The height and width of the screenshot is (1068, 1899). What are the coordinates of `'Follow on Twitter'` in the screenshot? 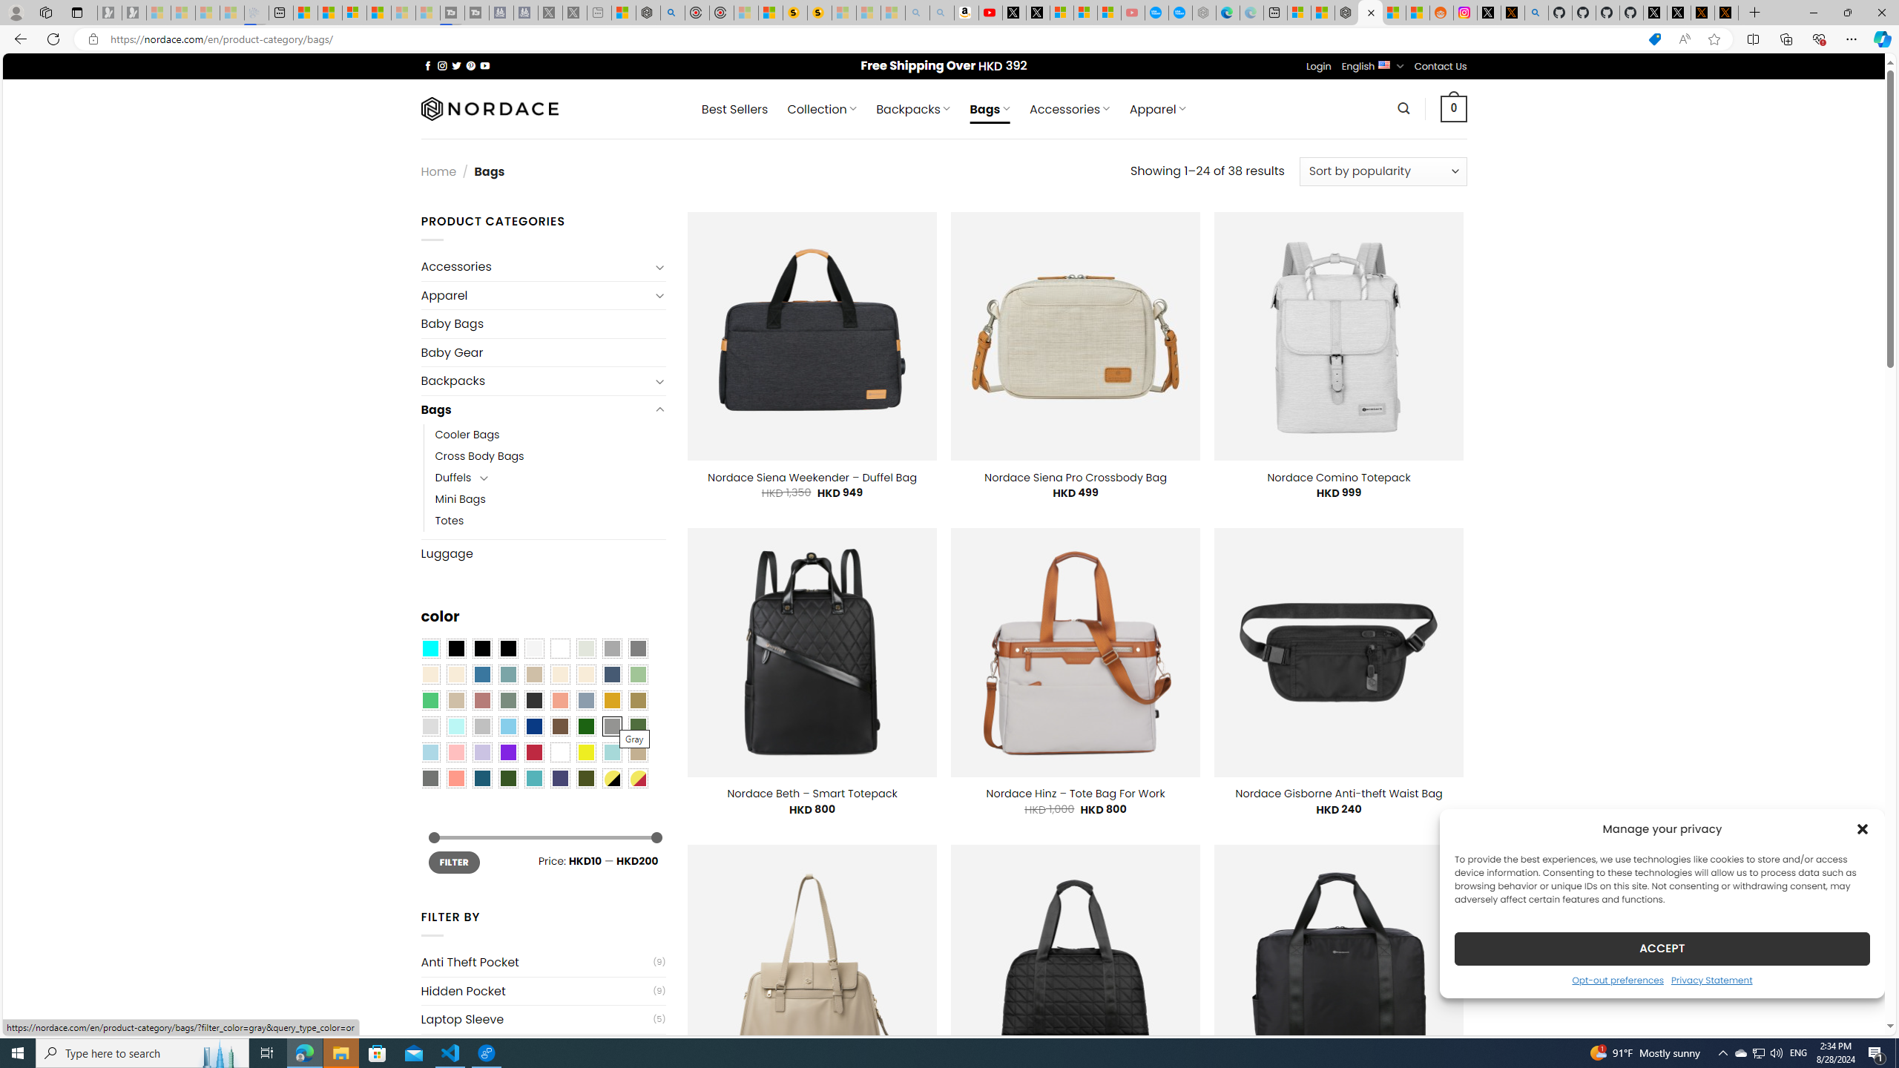 It's located at (456, 65).